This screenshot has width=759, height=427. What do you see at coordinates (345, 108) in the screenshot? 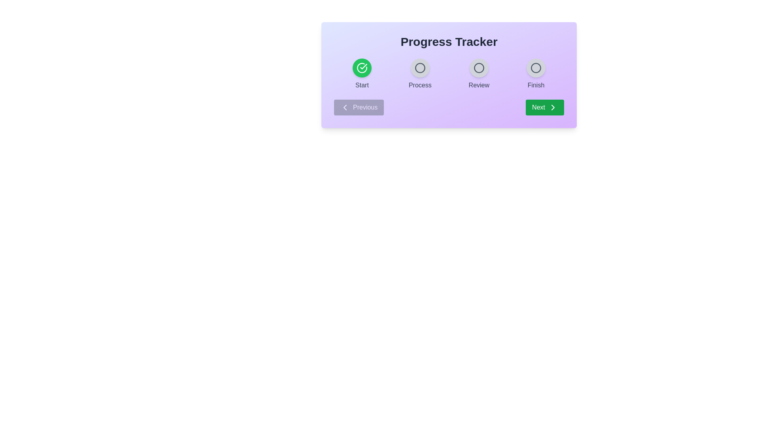
I see `the icon for backwards navigation located near the bottom-left corner of the panel, adjacent to the 'Previous' button` at bounding box center [345, 108].